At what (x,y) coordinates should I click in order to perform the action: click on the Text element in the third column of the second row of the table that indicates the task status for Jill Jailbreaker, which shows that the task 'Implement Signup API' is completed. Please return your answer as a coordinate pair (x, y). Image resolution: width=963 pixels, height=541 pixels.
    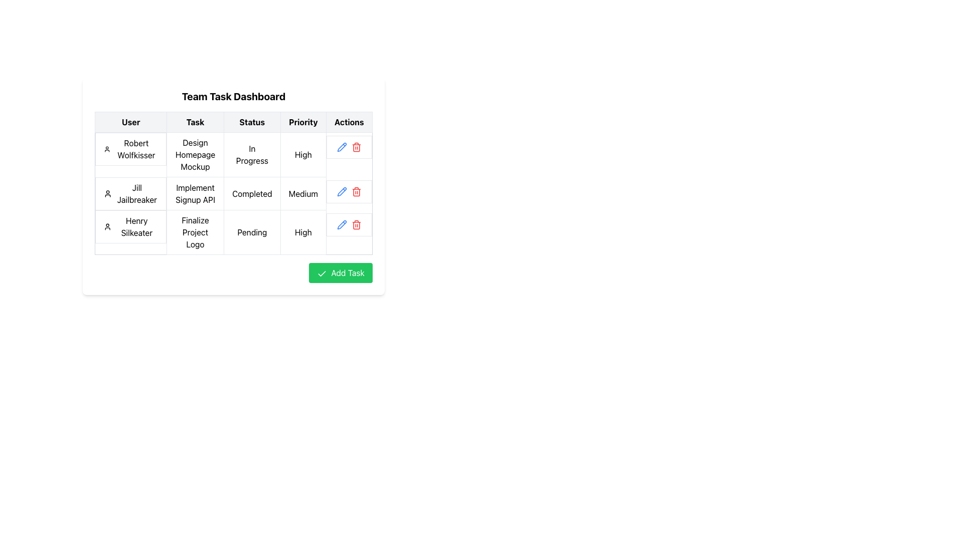
    Looking at the image, I should click on (233, 193).